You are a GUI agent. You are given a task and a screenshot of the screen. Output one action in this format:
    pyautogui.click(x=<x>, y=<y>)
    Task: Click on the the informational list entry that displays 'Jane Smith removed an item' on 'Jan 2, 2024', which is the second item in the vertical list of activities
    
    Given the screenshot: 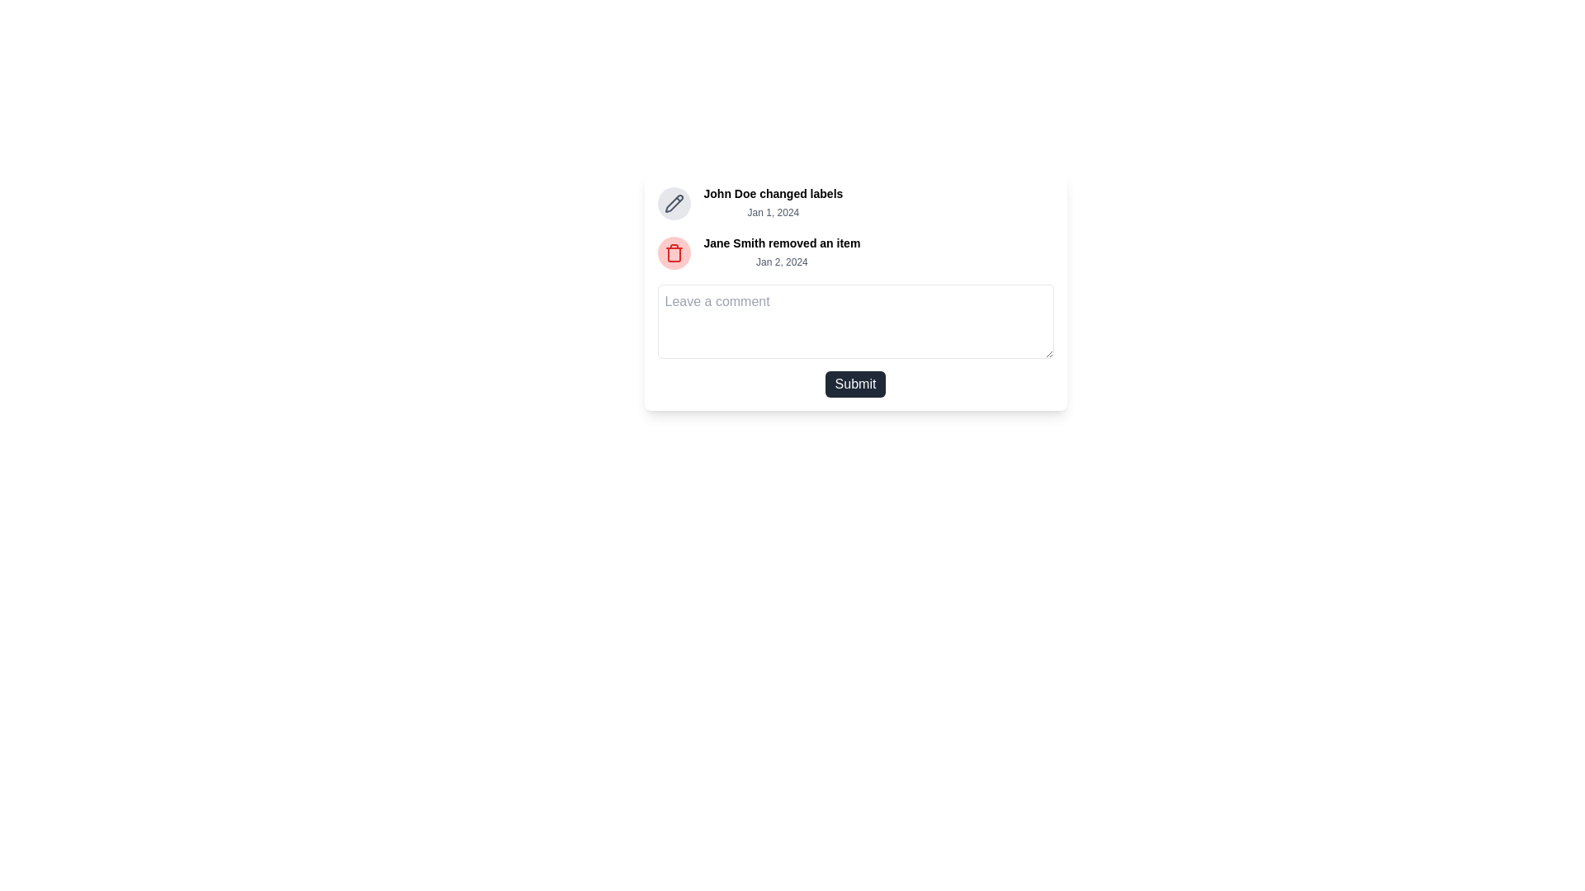 What is the action you would take?
    pyautogui.click(x=855, y=253)
    